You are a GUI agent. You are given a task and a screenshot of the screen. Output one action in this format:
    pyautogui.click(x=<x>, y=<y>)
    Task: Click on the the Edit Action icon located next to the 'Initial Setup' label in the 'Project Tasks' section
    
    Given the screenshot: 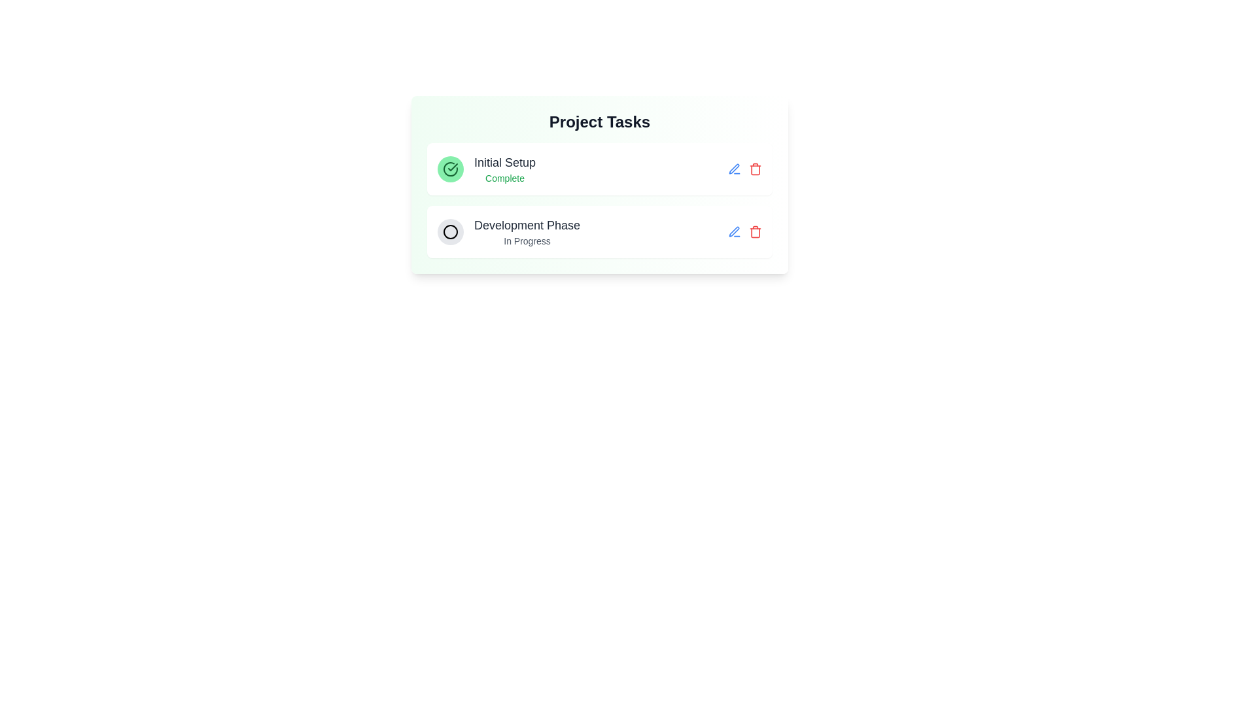 What is the action you would take?
    pyautogui.click(x=734, y=231)
    